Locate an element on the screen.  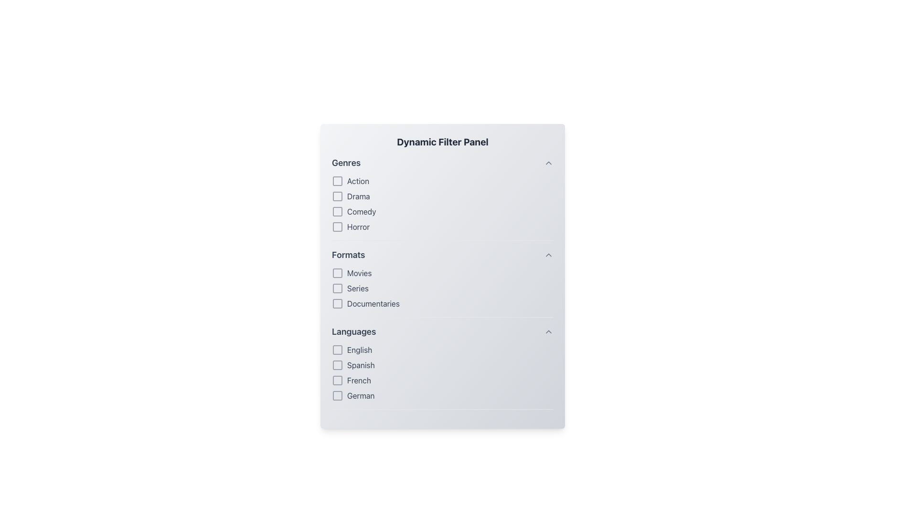
the checkbox labeled 'Movies' in the 'Formats' section of the filter panel for accessibility navigation is located at coordinates (442, 273).